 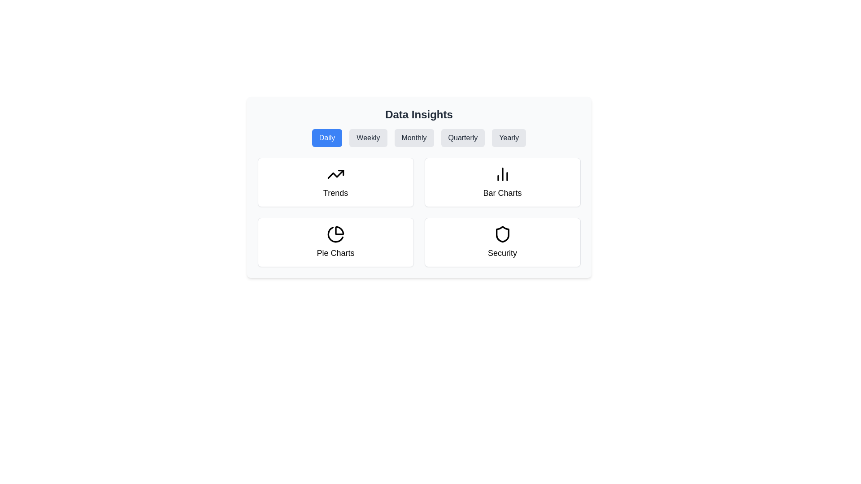 I want to click on the 'Yearly' button, the last button in the row of time interval options, so click(x=509, y=138).